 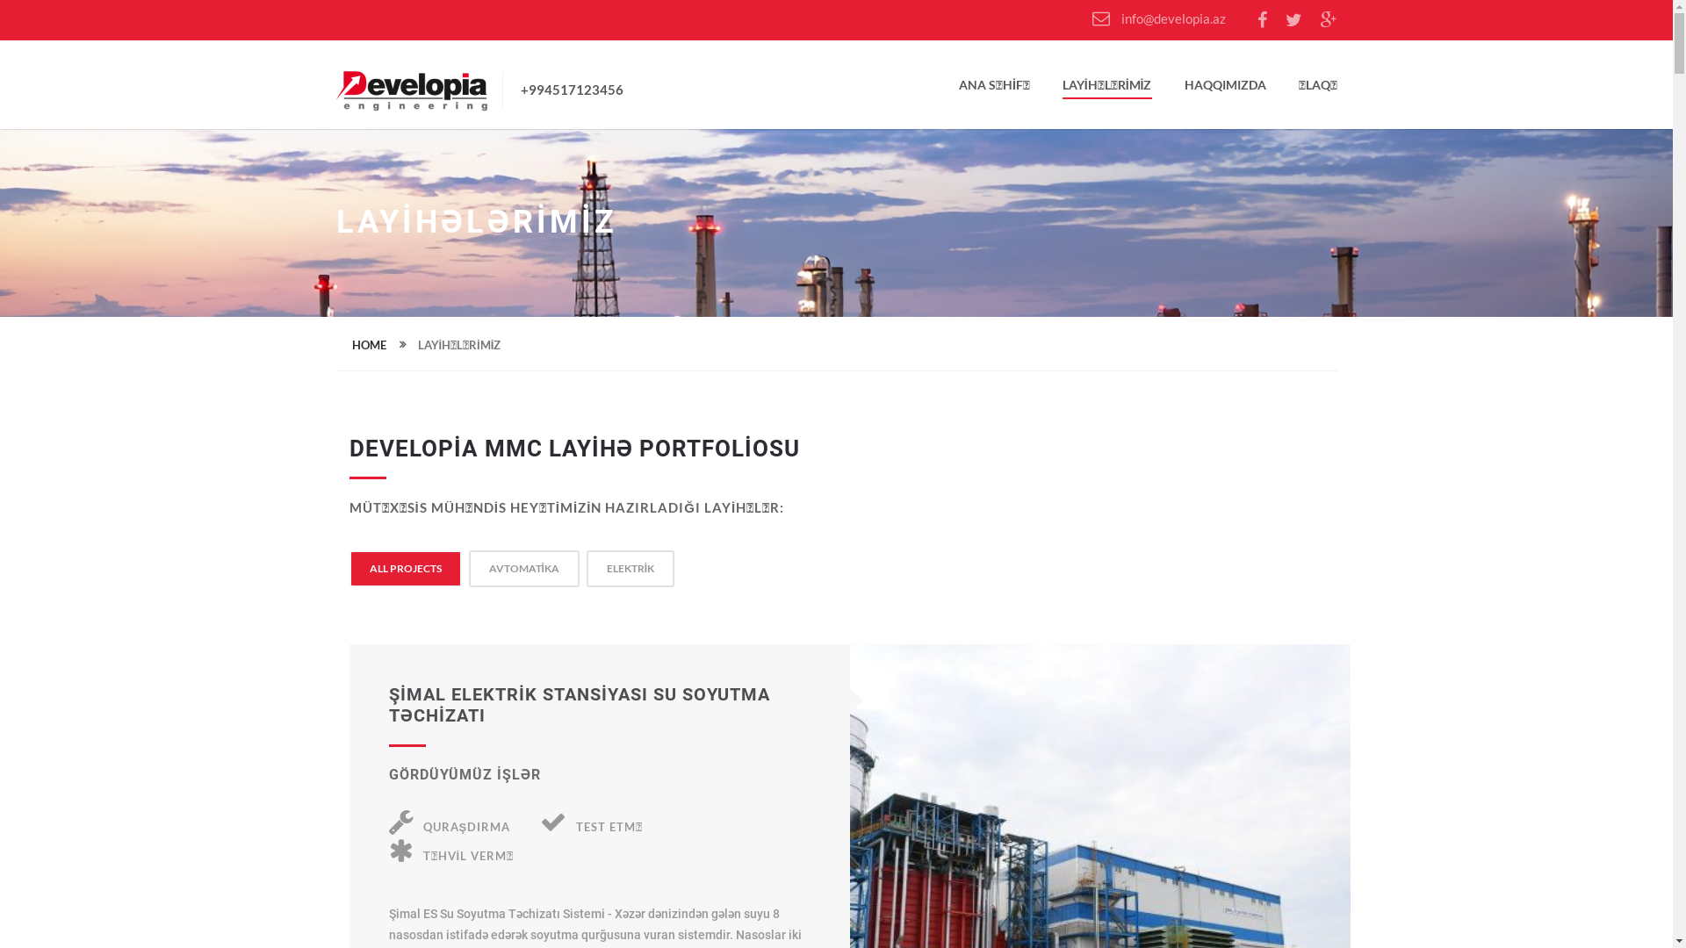 What do you see at coordinates (1293, 20) in the screenshot?
I see `'Twitter'` at bounding box center [1293, 20].